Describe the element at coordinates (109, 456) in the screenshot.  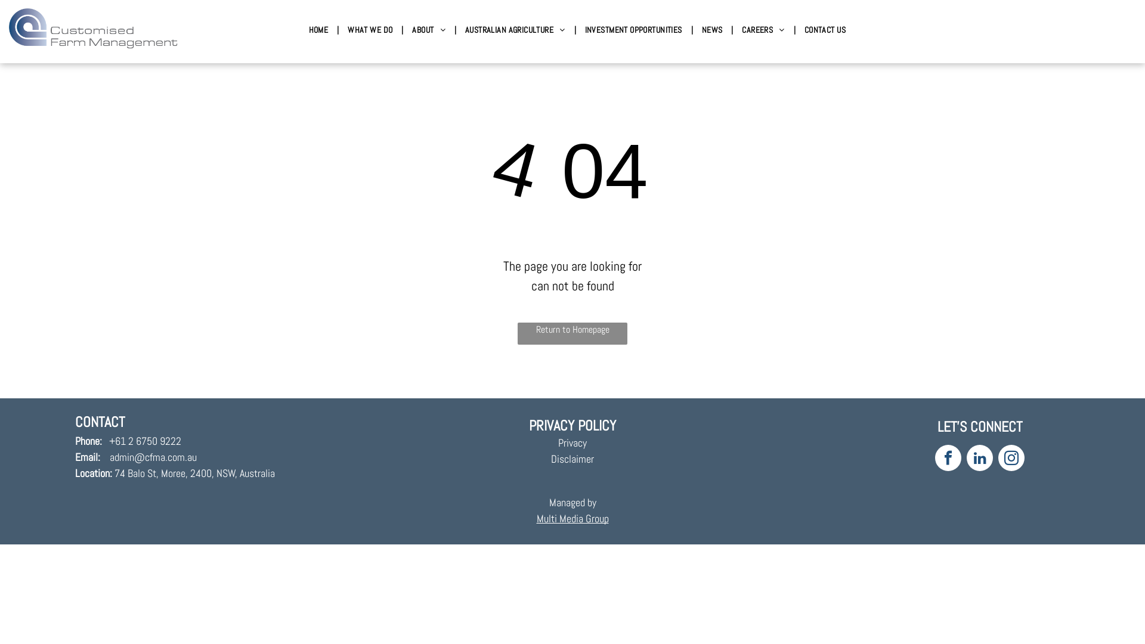
I see `'admin@cfma.com.au'` at that location.